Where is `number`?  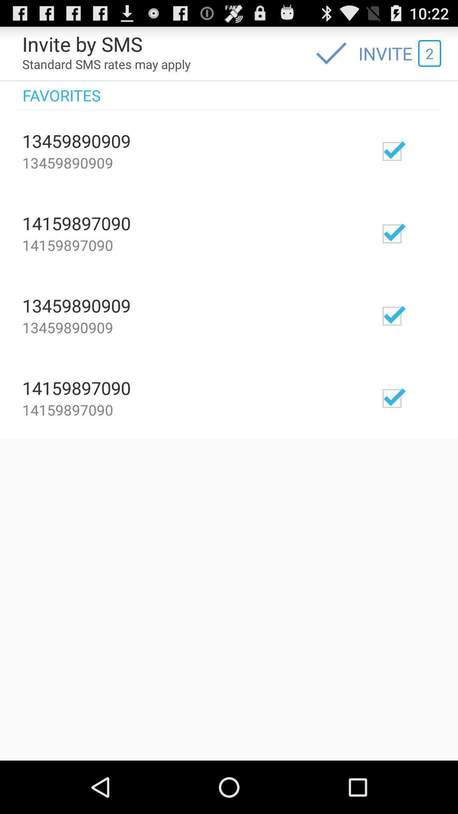 number is located at coordinates (416, 233).